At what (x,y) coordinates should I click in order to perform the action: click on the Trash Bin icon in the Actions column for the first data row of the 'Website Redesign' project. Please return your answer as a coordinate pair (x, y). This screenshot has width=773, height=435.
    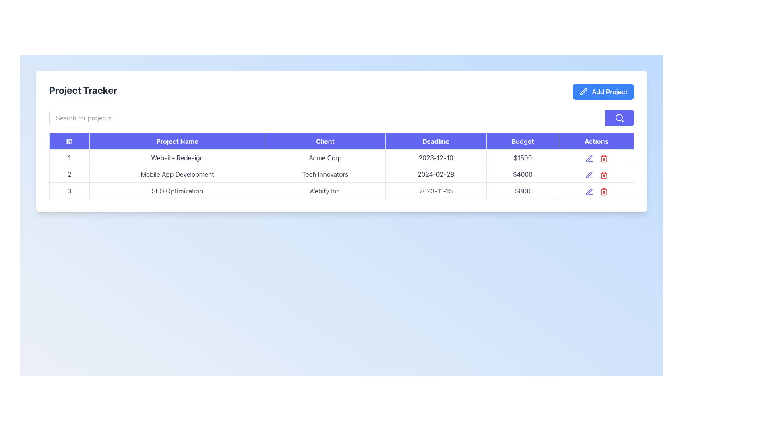
    Looking at the image, I should click on (603, 158).